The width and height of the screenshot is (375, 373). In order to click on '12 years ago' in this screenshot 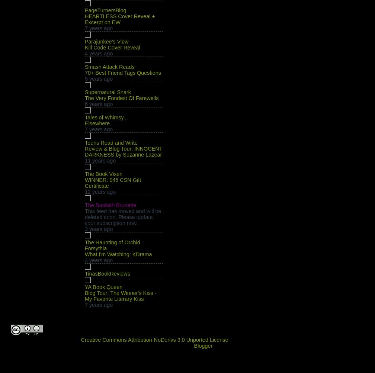, I will do `click(100, 192)`.